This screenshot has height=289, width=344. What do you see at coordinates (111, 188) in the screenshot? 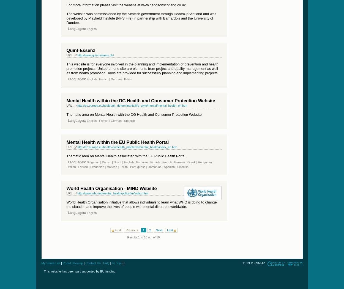
I see `'World Health Organisation - MIND Website'` at bounding box center [111, 188].